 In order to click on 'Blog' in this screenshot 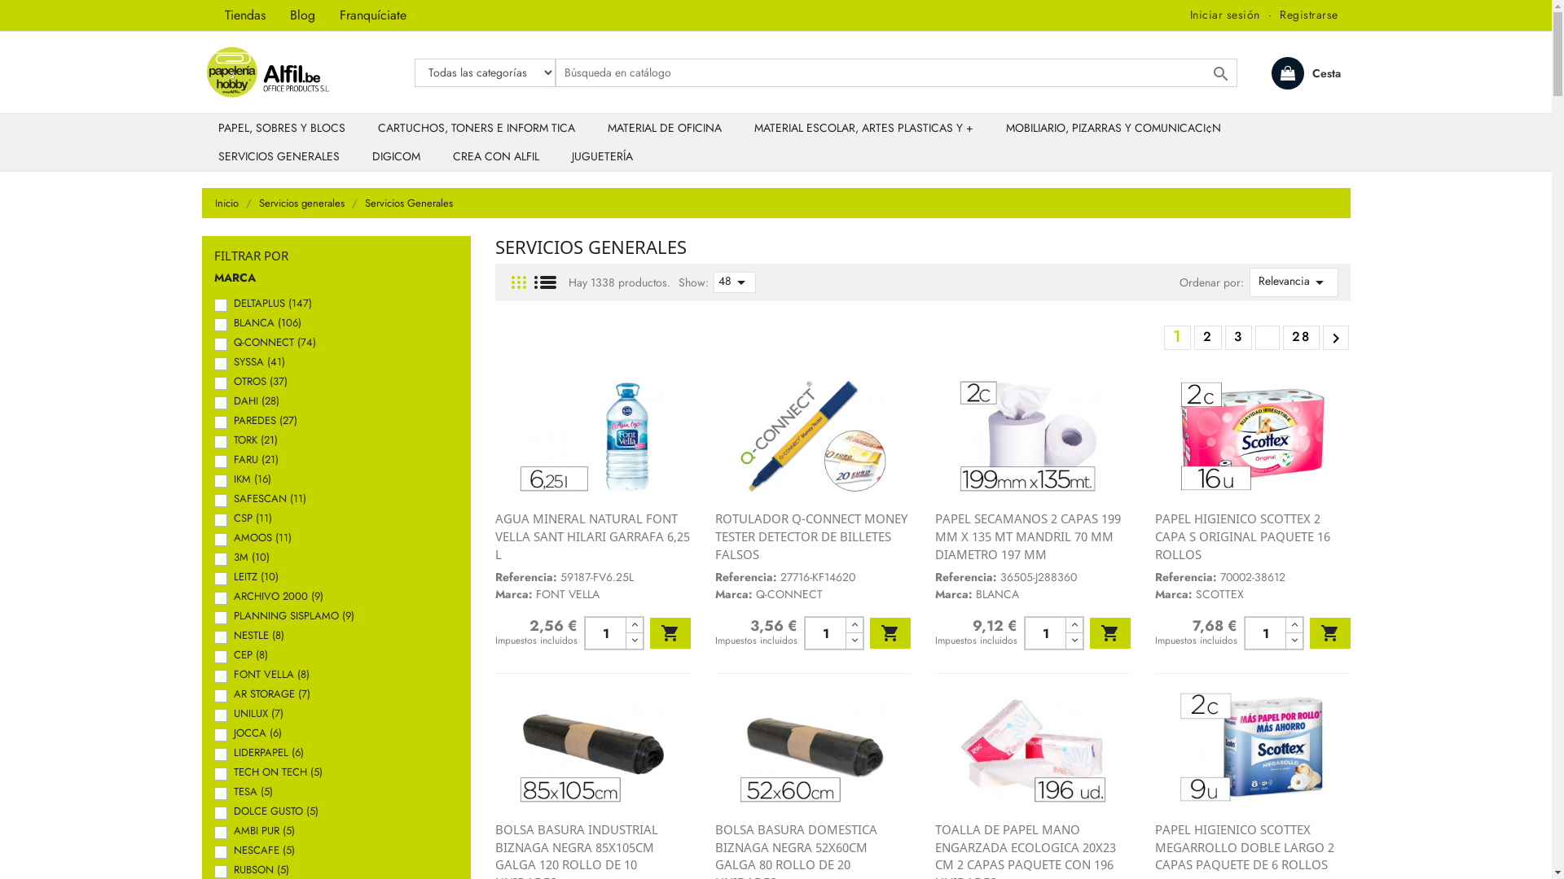, I will do `click(301, 15)`.